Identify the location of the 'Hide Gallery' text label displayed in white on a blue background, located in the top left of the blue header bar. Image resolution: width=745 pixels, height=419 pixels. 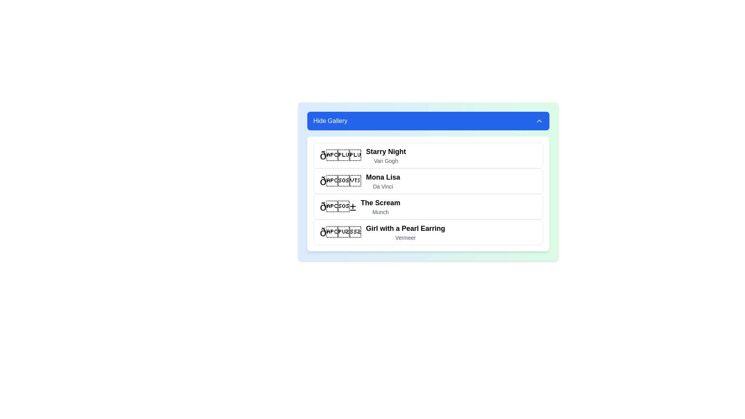
(330, 121).